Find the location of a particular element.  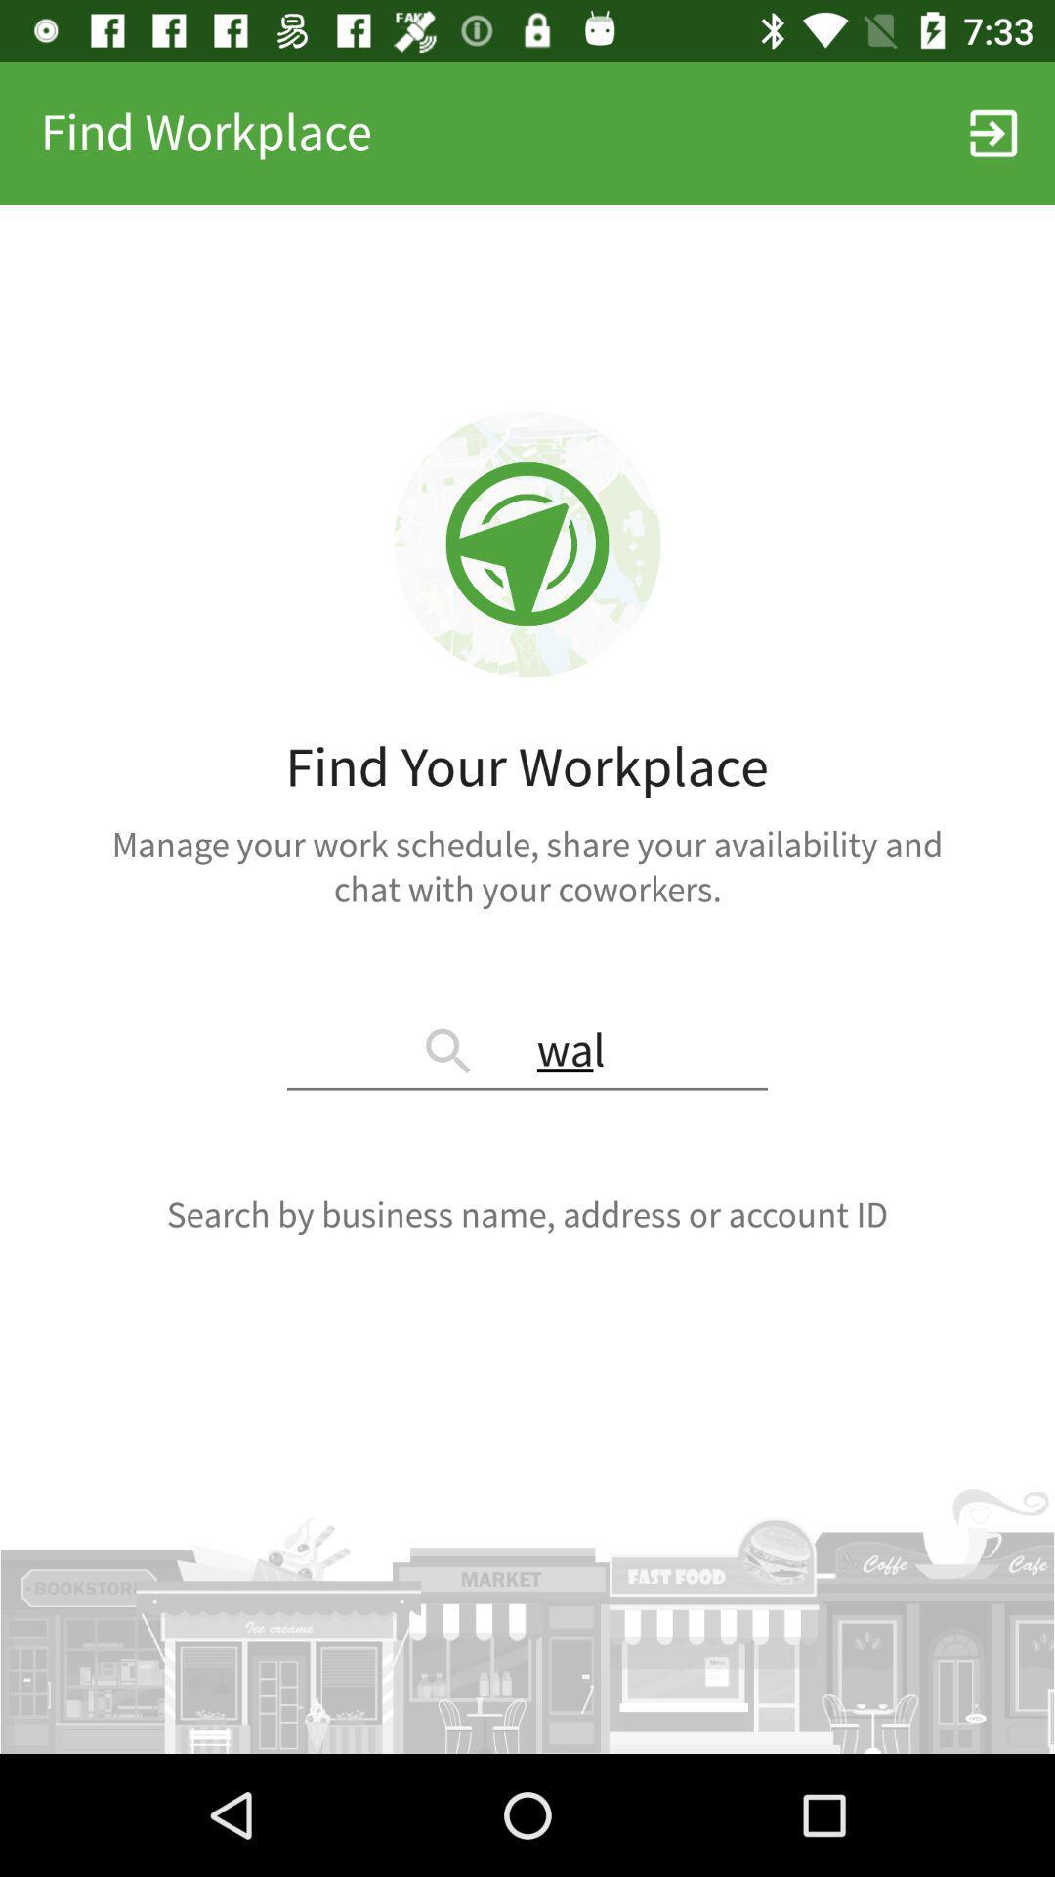

item next to find workplace is located at coordinates (993, 132).